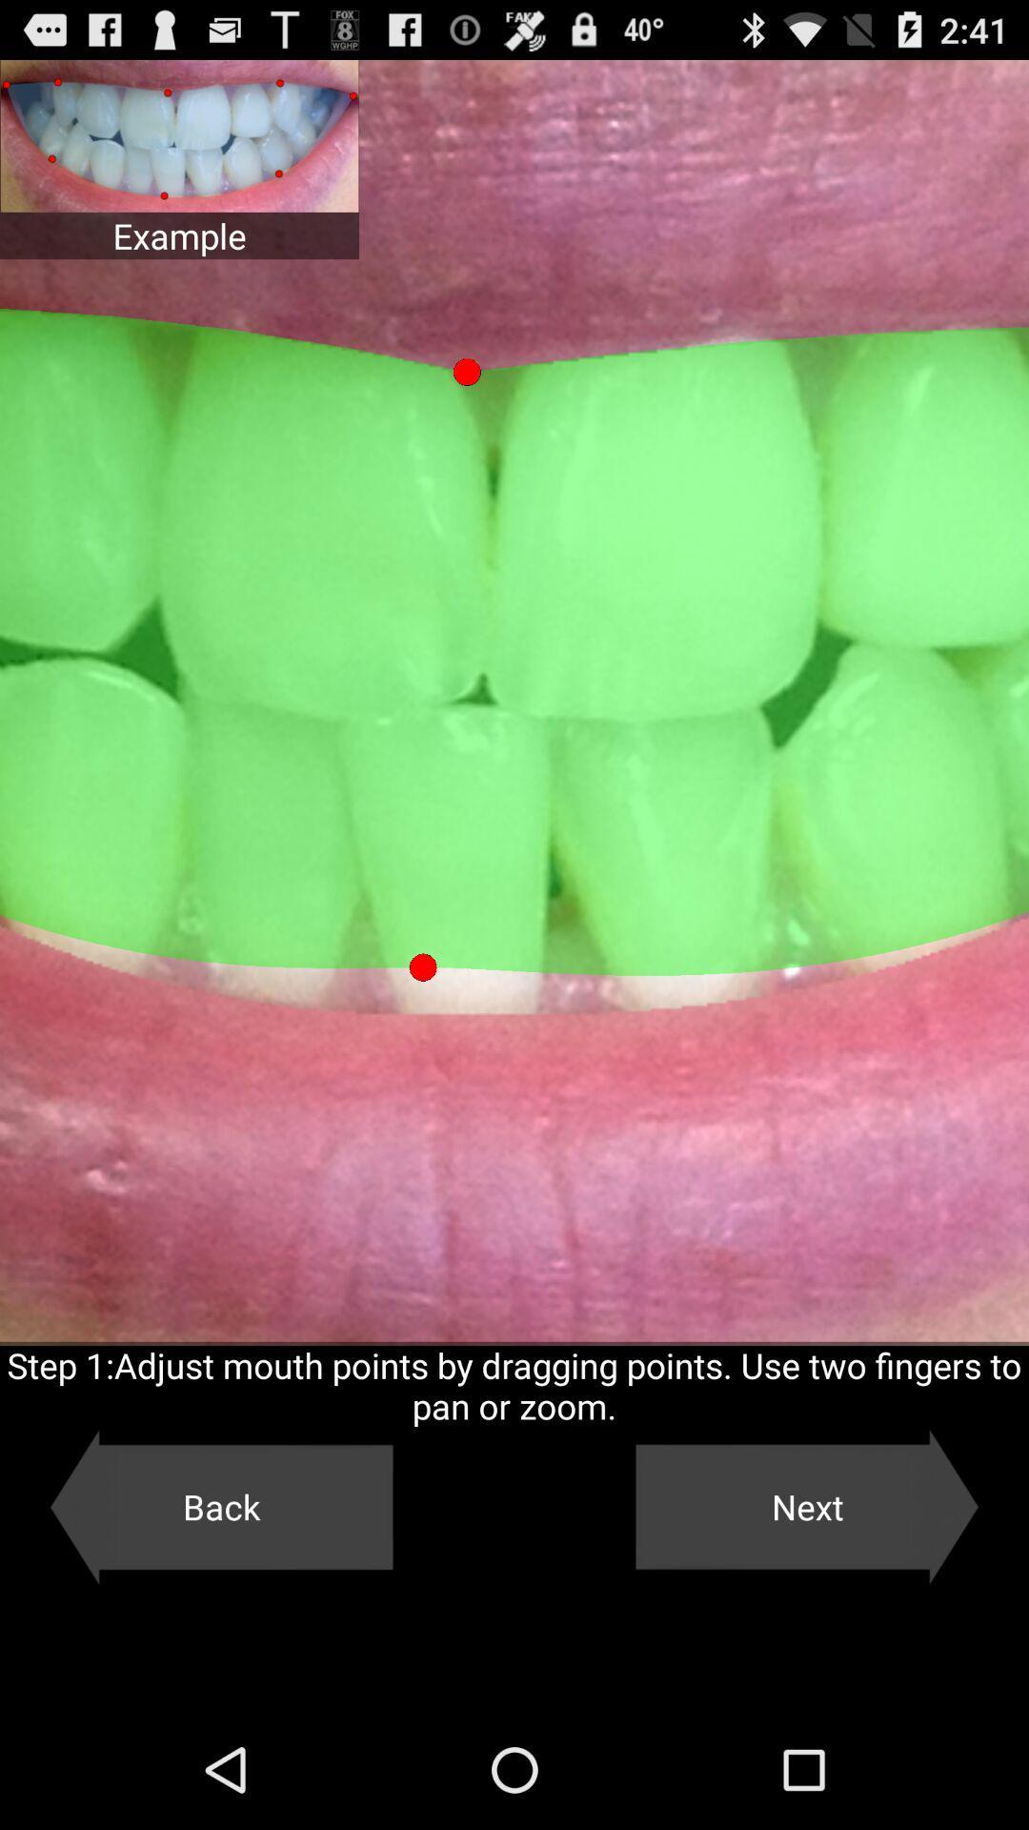 The width and height of the screenshot is (1029, 1830). Describe the element at coordinates (807, 1506) in the screenshot. I see `item below step 1 adjust item` at that location.